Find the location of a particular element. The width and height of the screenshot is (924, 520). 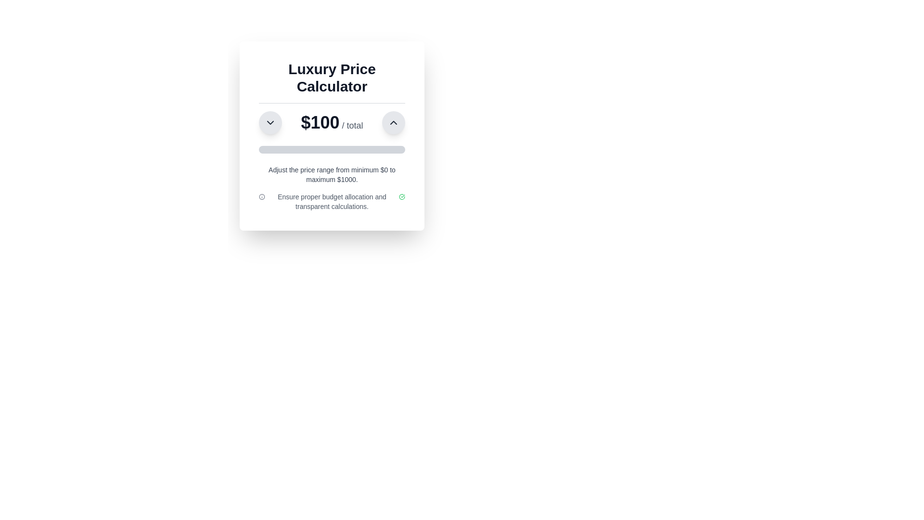

the first button in the horizontal row of interactive components to decrement the price in the price calculator, located to the left of the '$100 / total' text is located at coordinates (269, 122).